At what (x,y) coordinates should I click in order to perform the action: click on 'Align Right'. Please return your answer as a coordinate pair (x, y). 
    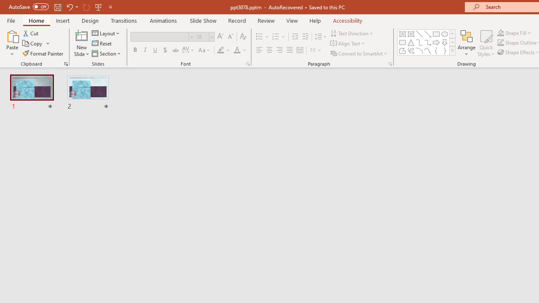
    Looking at the image, I should click on (279, 50).